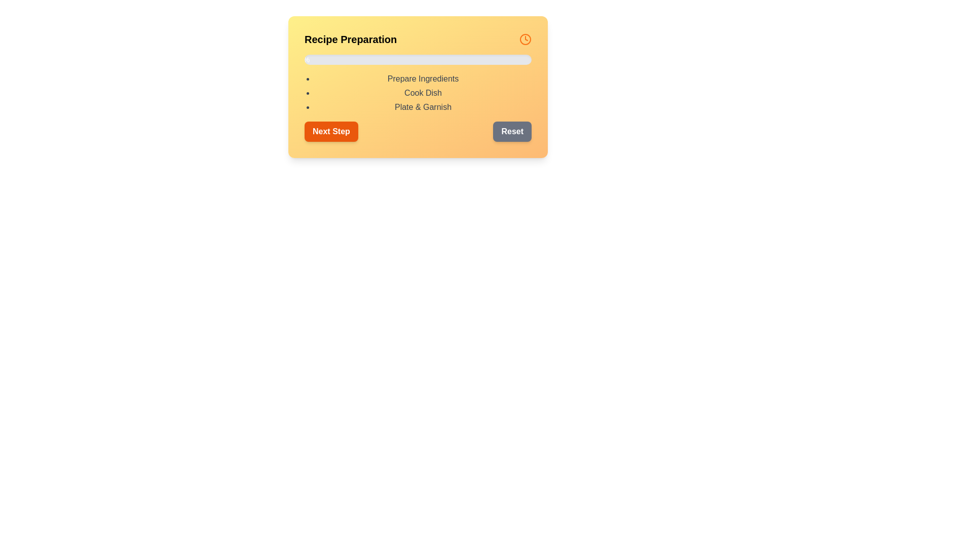 The width and height of the screenshot is (973, 547). Describe the element at coordinates (525, 38) in the screenshot. I see `the clock icon located at the top-right corner of the 'Recipe Preparation' section, which symbolizes time or duration for the recipe preparation process` at that location.